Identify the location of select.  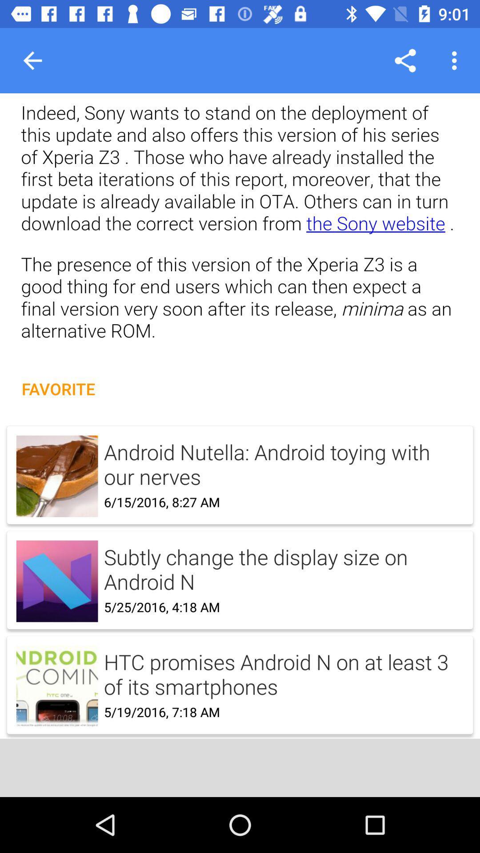
(240, 570).